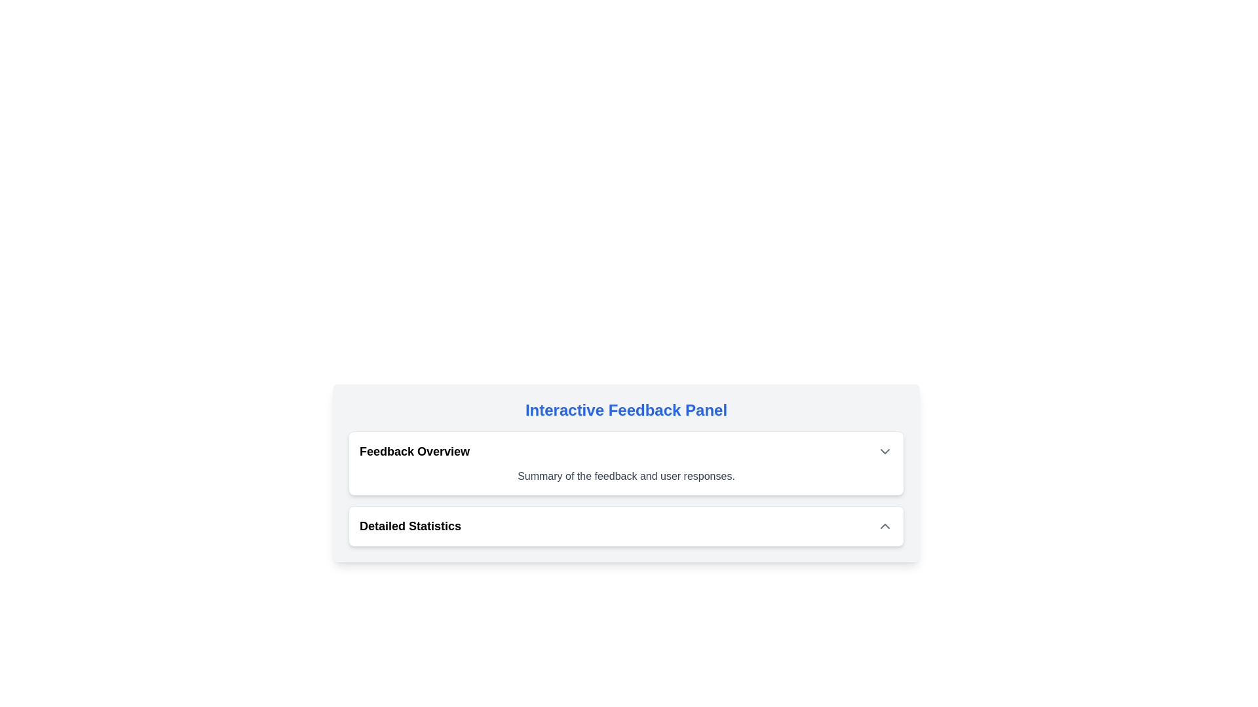  What do you see at coordinates (625, 477) in the screenshot?
I see `the text label providing a summary for the 'Feedback Overview' section, which is located below the header and centered horizontally in the main panel` at bounding box center [625, 477].